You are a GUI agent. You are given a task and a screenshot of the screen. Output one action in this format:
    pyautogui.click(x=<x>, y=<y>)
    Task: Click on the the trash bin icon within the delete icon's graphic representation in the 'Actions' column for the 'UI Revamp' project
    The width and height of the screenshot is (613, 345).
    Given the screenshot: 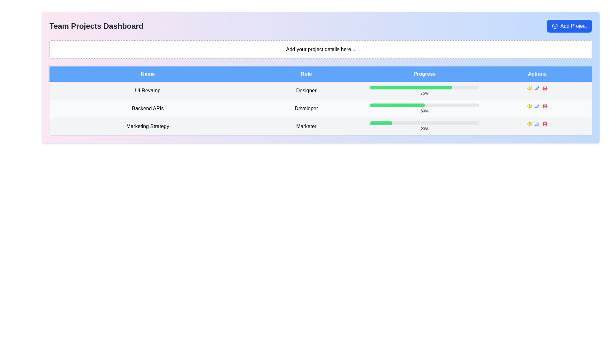 What is the action you would take?
    pyautogui.click(x=544, y=88)
    